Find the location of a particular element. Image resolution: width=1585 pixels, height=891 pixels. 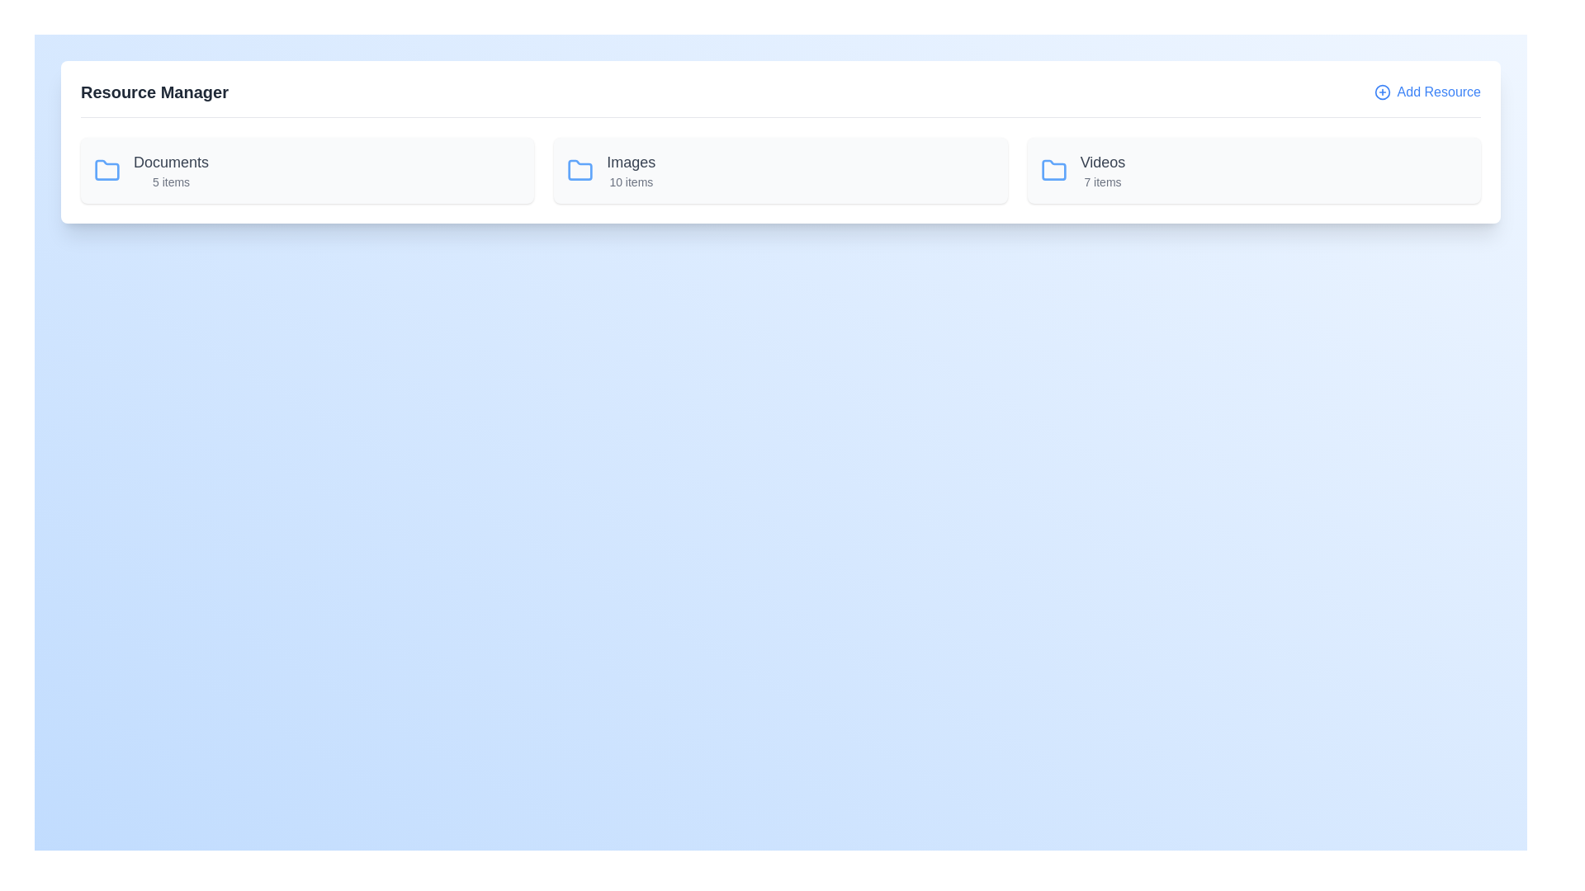

the Text label that serves as a heading for the Resource Manager, located at the top-left section of the interface is located at coordinates (154, 92).